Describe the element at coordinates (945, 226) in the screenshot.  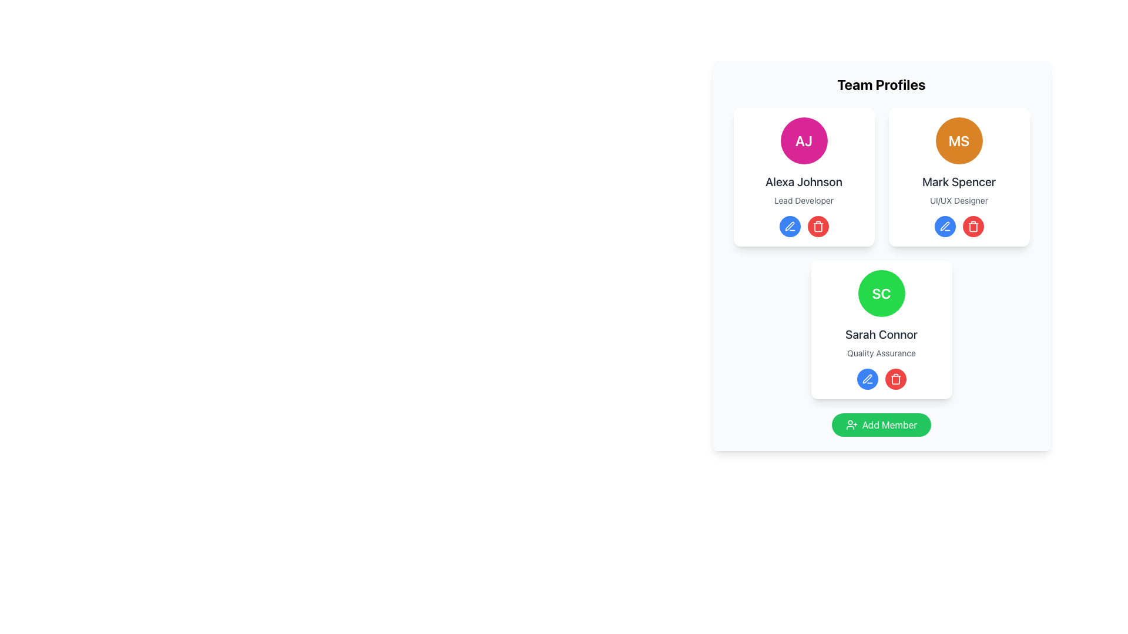
I see `the blue circular button with a pen icon that represents the editing function for the user profile of 'Sarah Connor'` at that location.